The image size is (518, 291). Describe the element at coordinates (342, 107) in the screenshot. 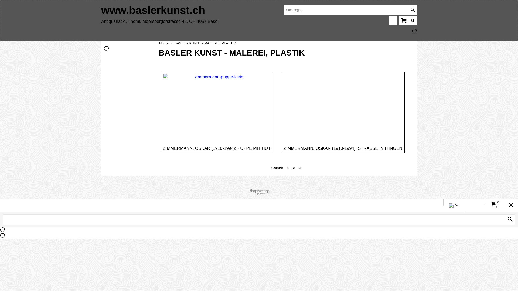

I see `'zimmermann-itingen-gross'` at that location.